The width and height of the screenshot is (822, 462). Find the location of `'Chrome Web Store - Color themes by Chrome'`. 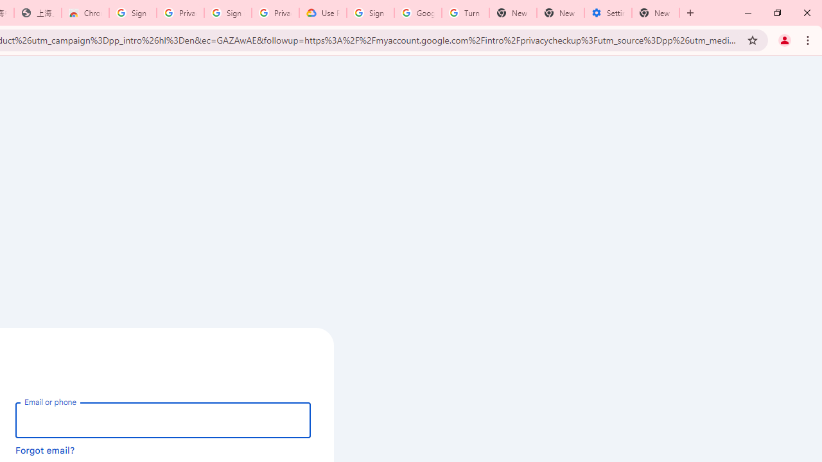

'Chrome Web Store - Color themes by Chrome' is located at coordinates (85, 13).